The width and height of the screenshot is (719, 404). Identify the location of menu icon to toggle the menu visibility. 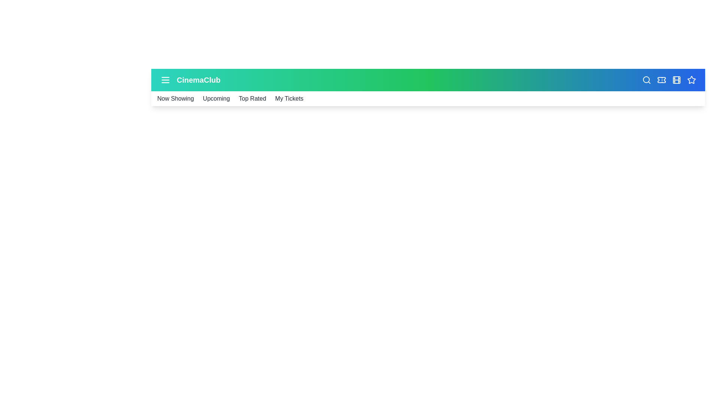
(165, 80).